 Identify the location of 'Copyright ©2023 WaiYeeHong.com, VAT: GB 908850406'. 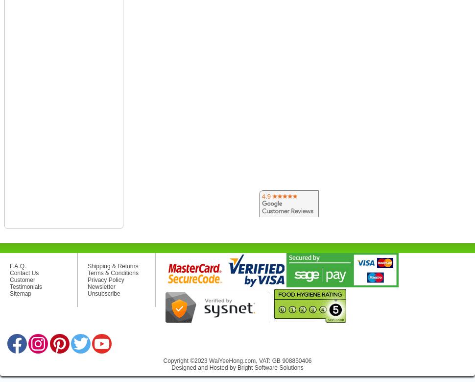
(163, 360).